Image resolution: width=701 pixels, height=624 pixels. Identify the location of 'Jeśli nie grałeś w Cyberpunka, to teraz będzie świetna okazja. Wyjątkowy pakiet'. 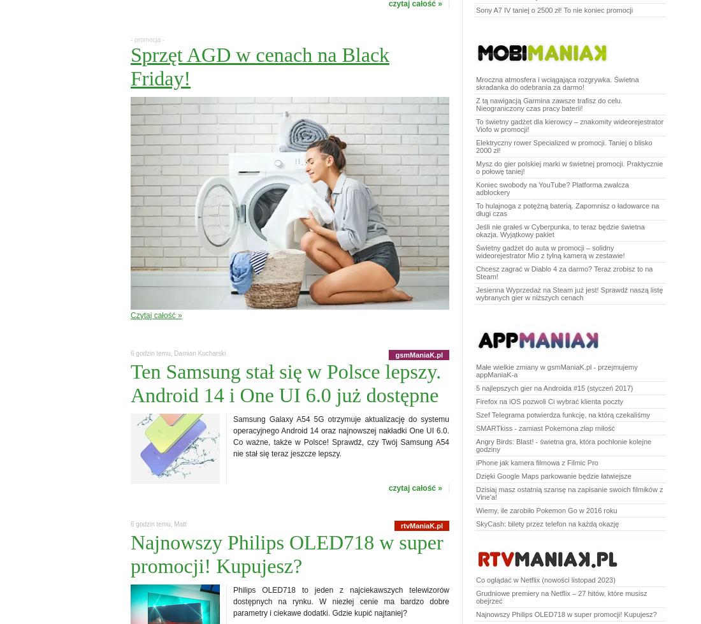
(560, 231).